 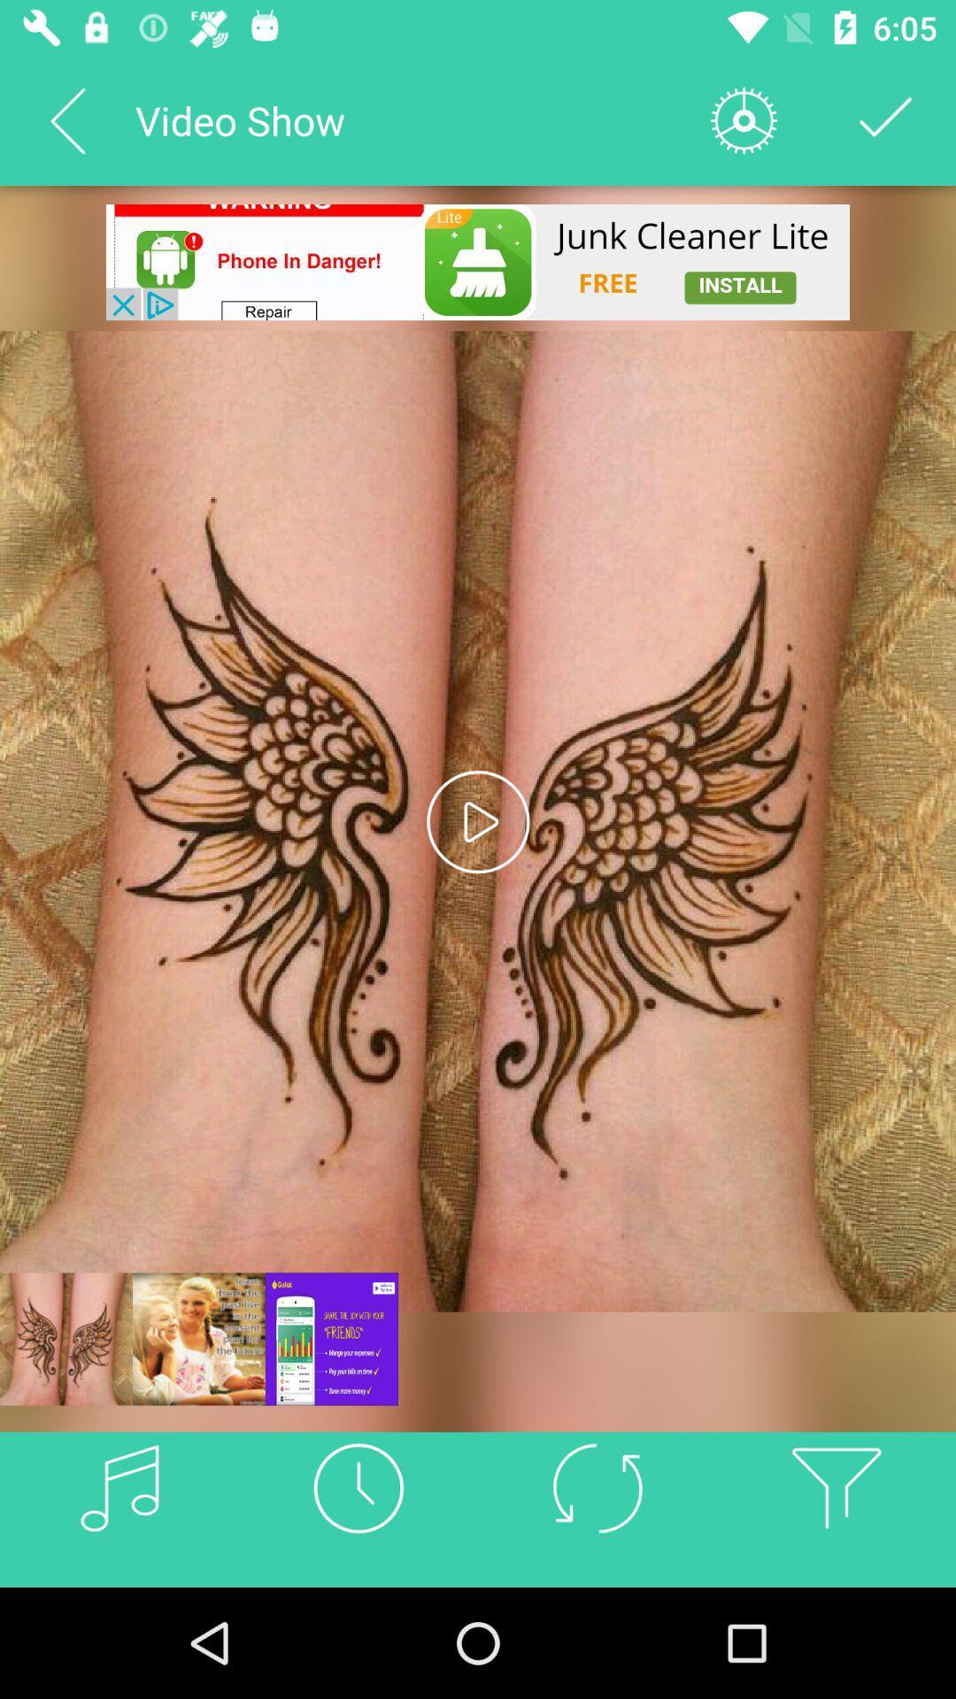 What do you see at coordinates (66, 119) in the screenshot?
I see `the arrow_backward icon` at bounding box center [66, 119].